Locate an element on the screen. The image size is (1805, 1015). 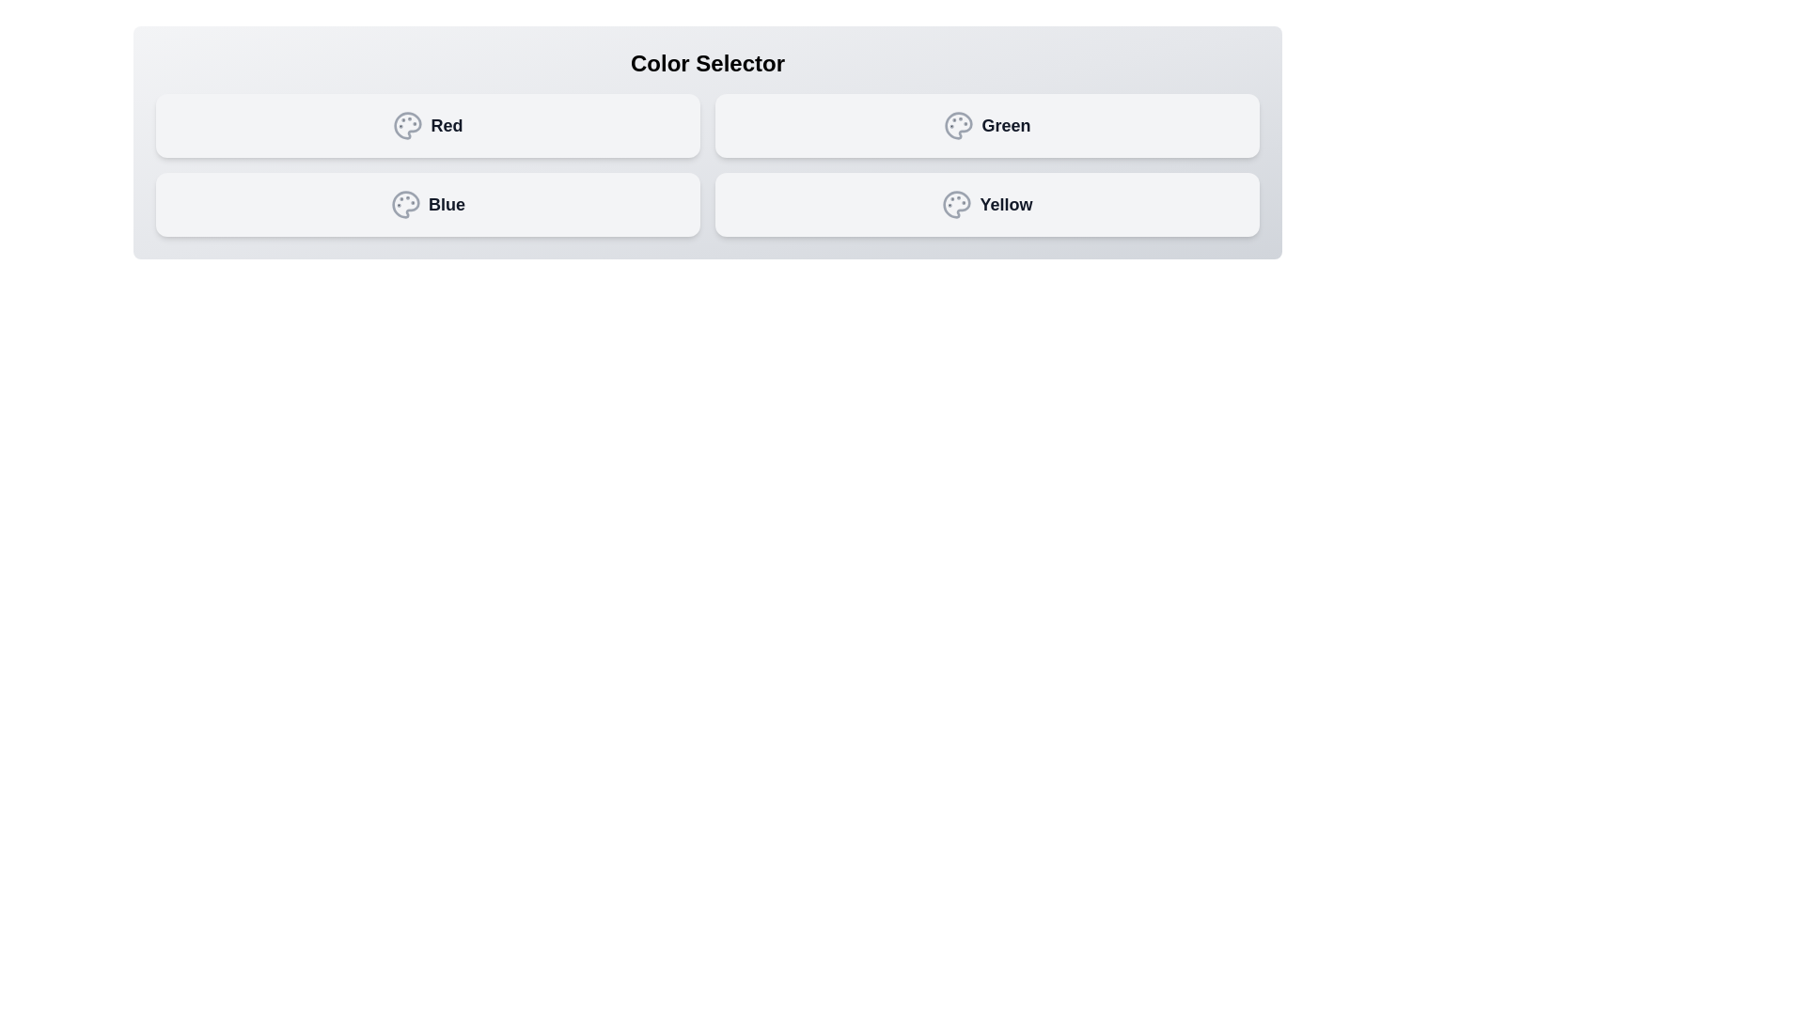
the button labeled Blue to observe its hover effect is located at coordinates (427, 205).